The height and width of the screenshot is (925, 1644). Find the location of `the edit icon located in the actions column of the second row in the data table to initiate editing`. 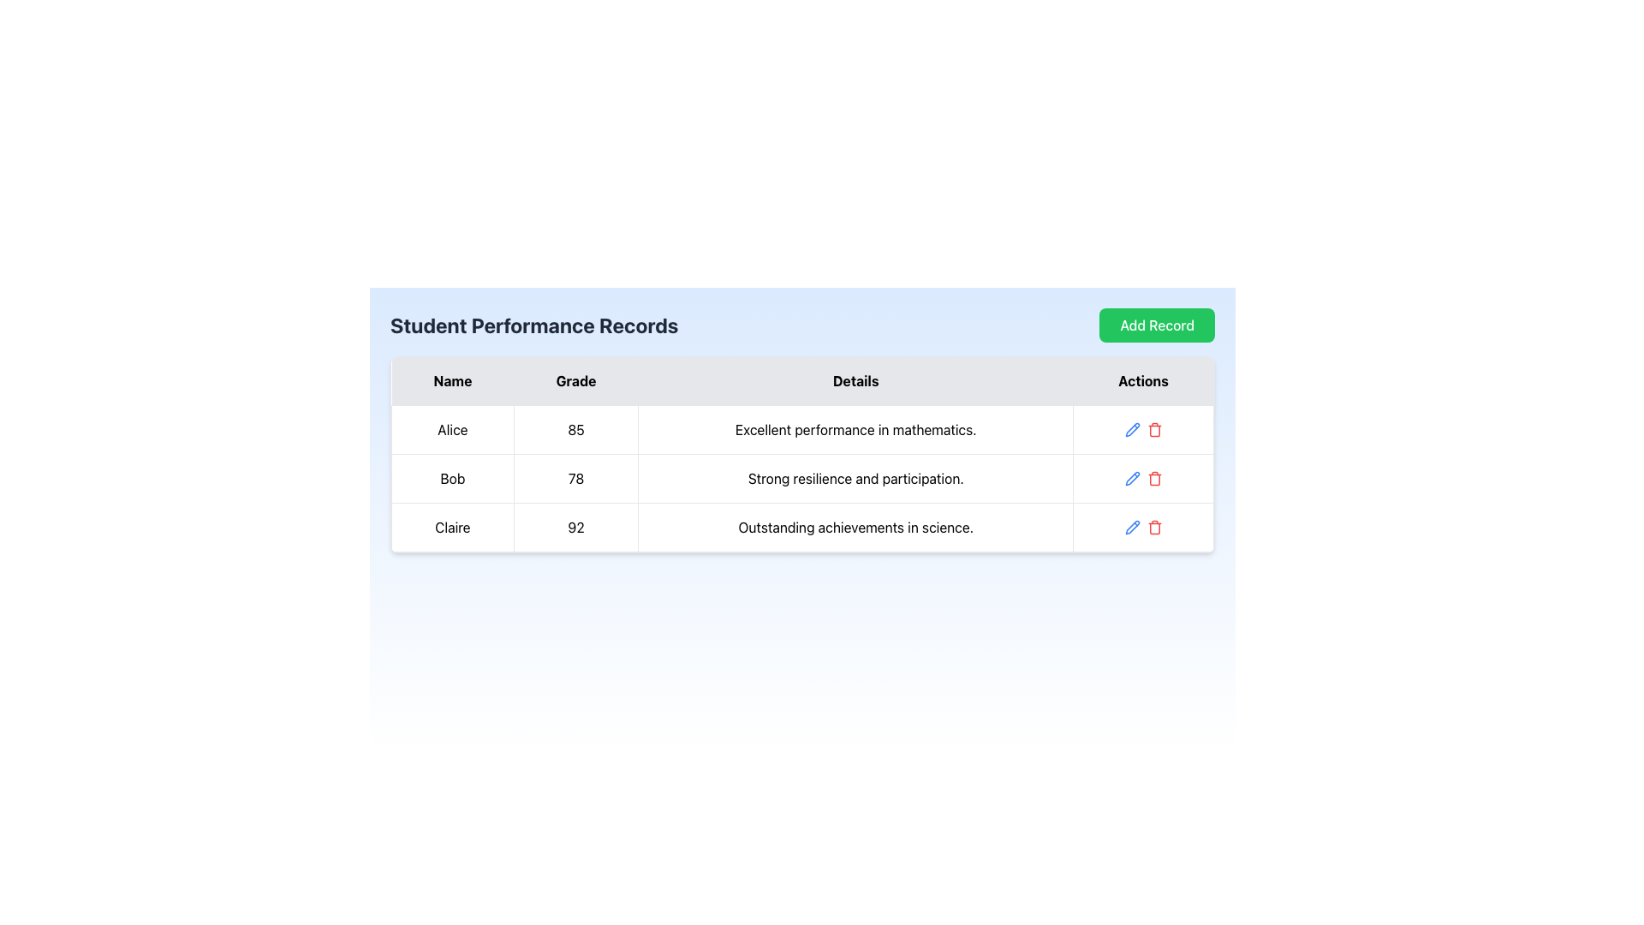

the edit icon located in the actions column of the second row in the data table to initiate editing is located at coordinates (1132, 479).